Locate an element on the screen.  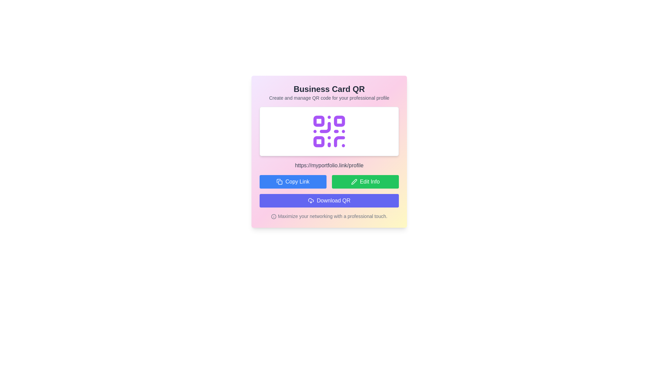
the 'Download QR' button by clicking on the download icon located on the left side of the button is located at coordinates (311, 200).